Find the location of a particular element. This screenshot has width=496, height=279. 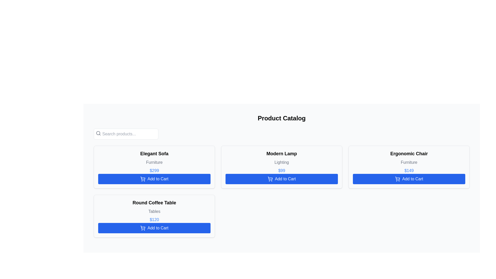

the text label displaying 'Round Coffee Table' and 'Tables' is located at coordinates (154, 207).